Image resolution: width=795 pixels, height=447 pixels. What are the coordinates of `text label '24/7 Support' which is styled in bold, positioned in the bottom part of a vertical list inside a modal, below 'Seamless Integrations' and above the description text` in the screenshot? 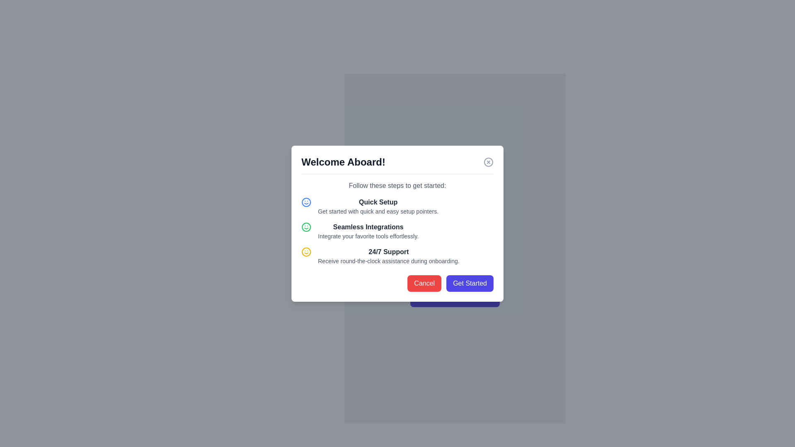 It's located at (388, 251).